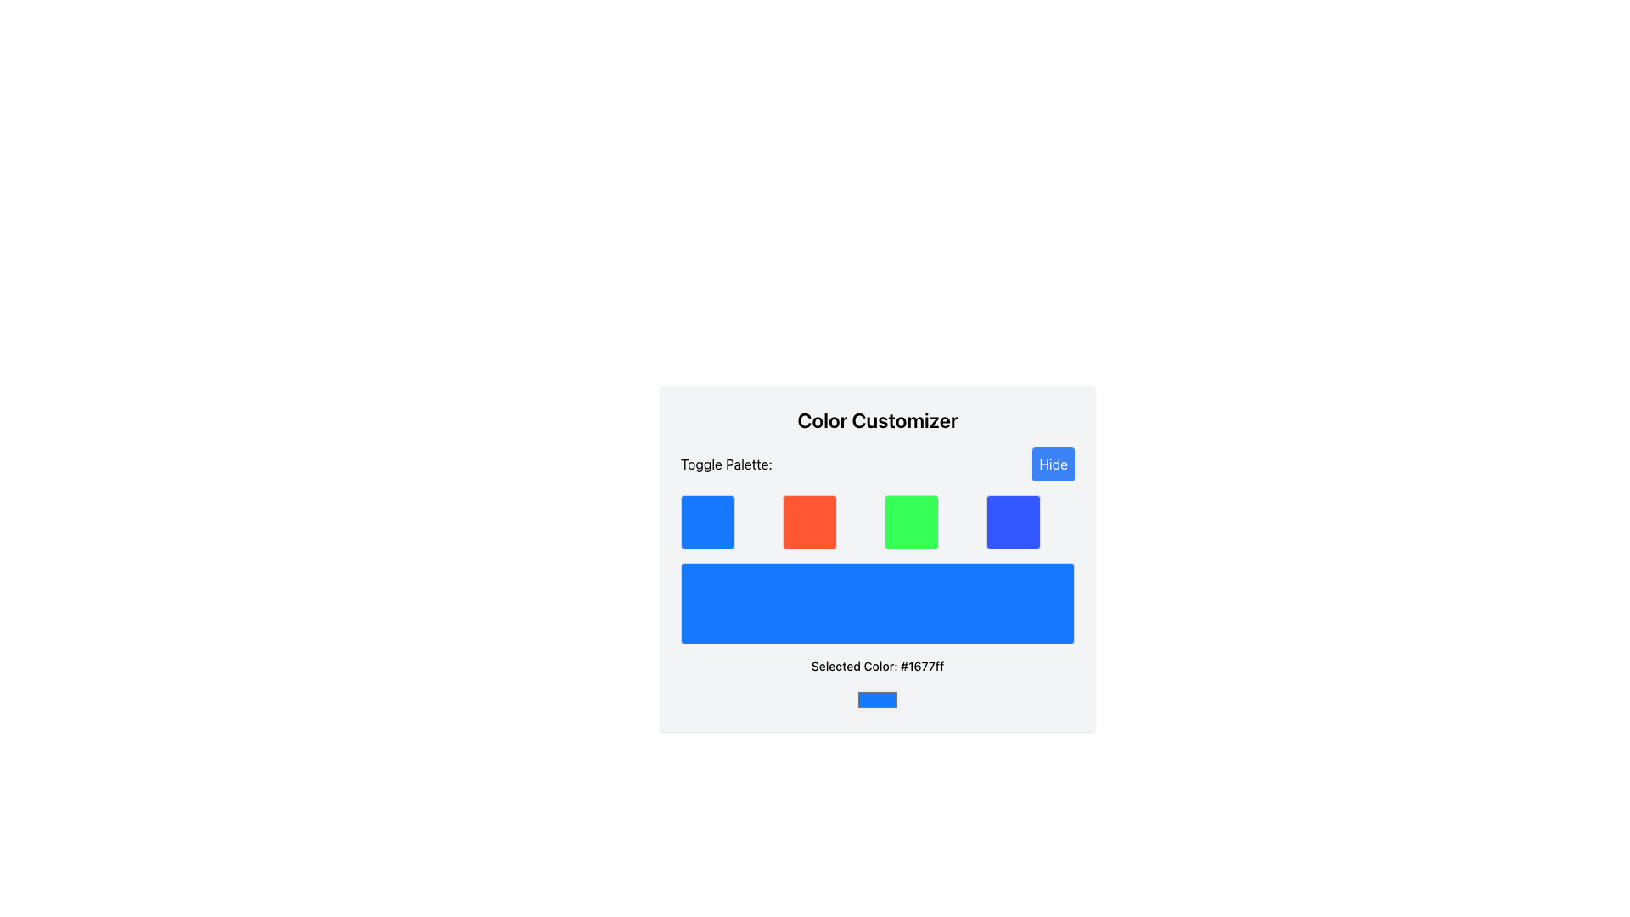 This screenshot has height=917, width=1630. Describe the element at coordinates (1014, 520) in the screenshot. I see `the fourth color selection tile in the color palette` at that location.